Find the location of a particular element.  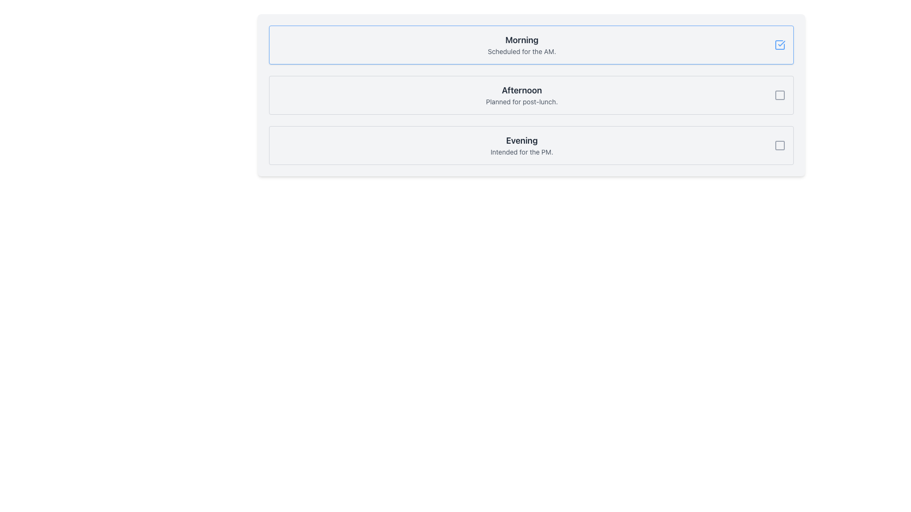

the textual label element that displays the heading 'Morning' and the subtext 'Scheduled for the AM.' is located at coordinates (521, 45).